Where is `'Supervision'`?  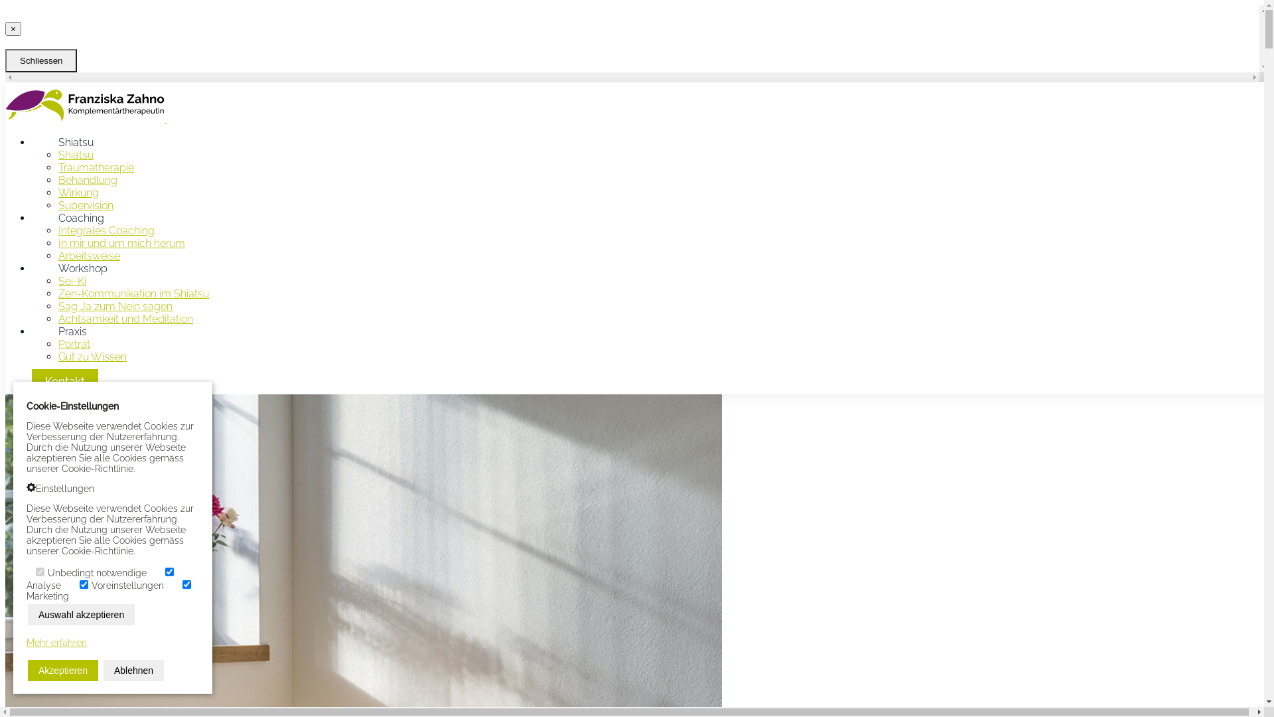
'Supervision' is located at coordinates (85, 205).